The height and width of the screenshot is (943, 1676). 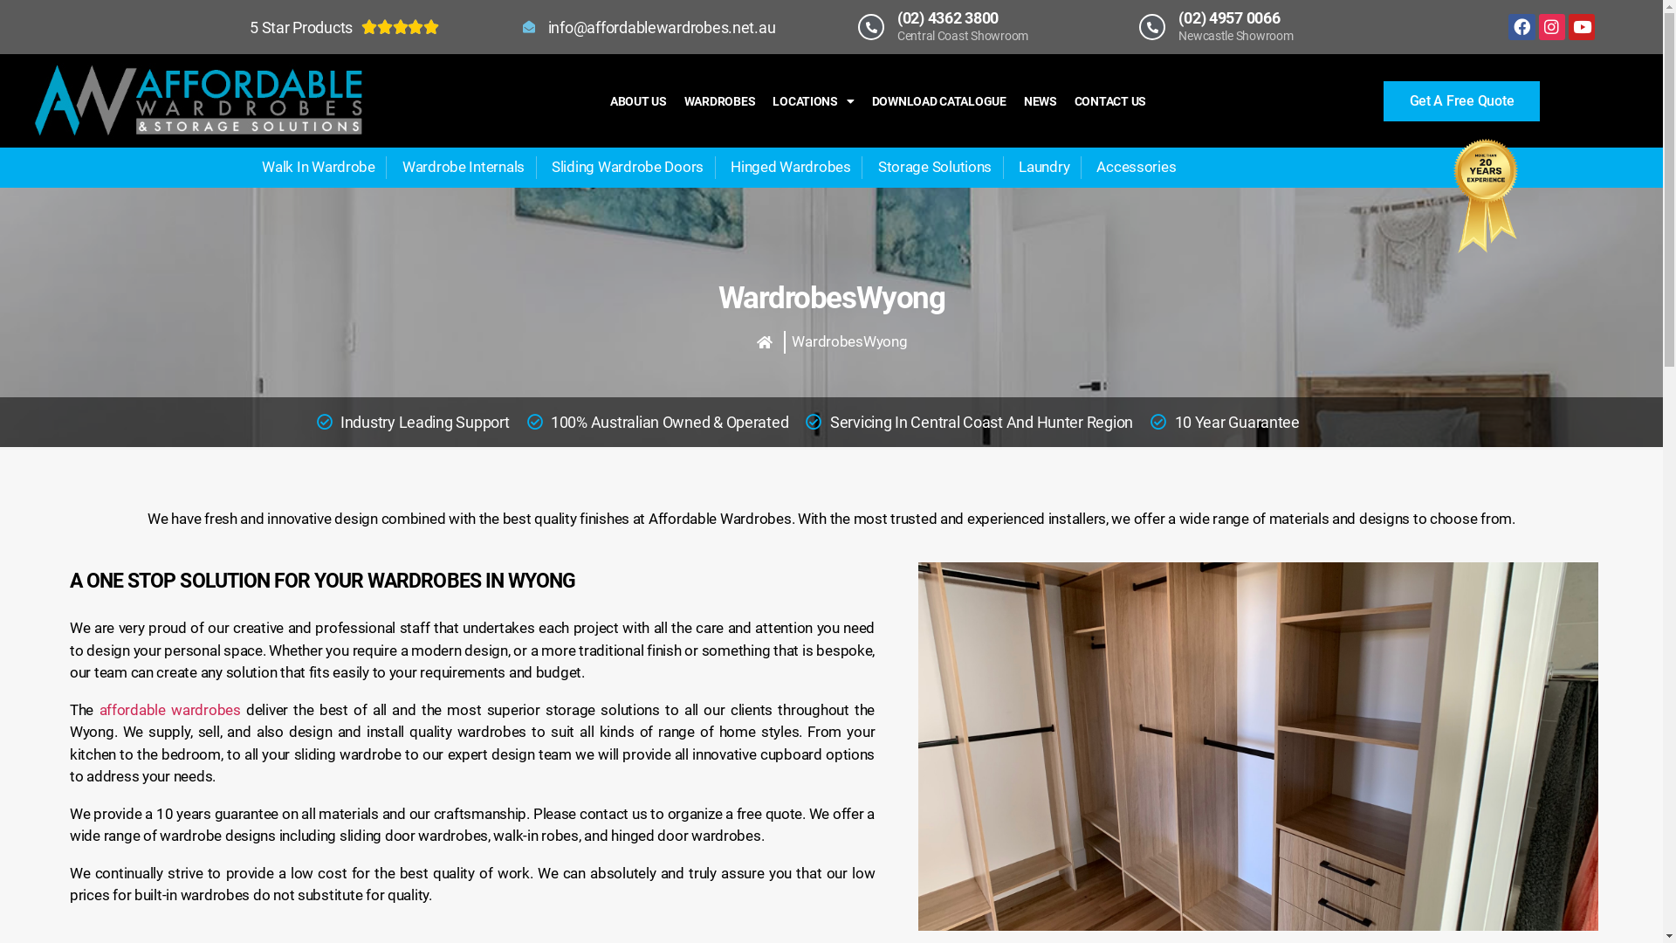 I want to click on '(02) 4957 0066', so click(x=1227, y=17).